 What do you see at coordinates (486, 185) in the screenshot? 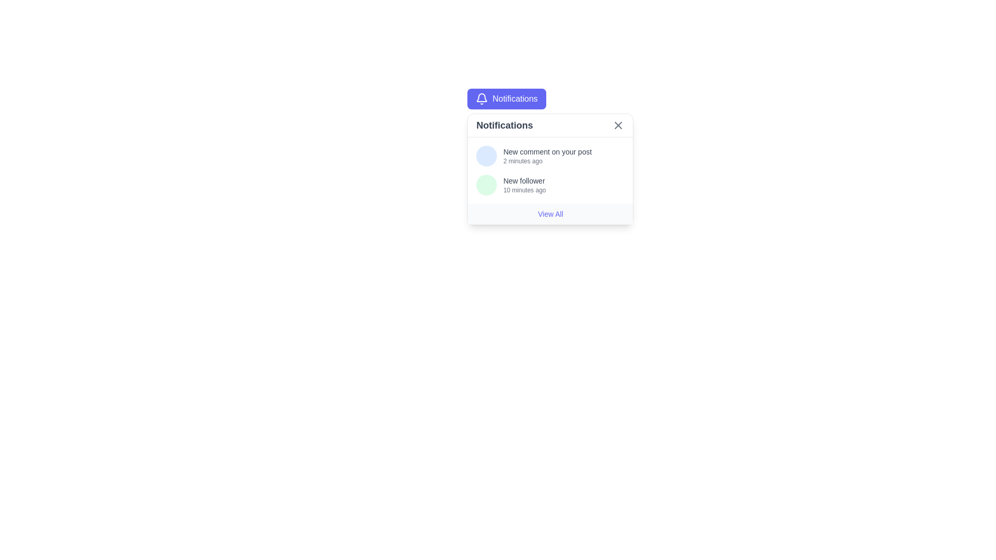
I see `the circular indicator placeholder located in the second notification entry to the left of the texts 'New follower' and '10 minutes ago'` at bounding box center [486, 185].